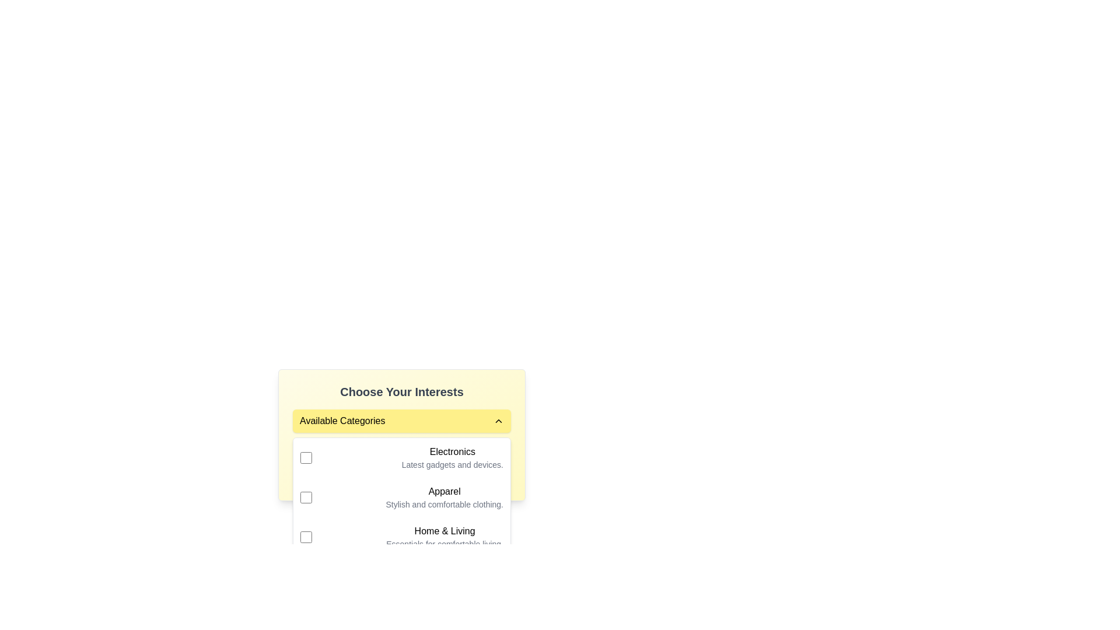 The height and width of the screenshot is (630, 1120). Describe the element at coordinates (306, 457) in the screenshot. I see `the checkbox for the 'Electronics' category` at that location.